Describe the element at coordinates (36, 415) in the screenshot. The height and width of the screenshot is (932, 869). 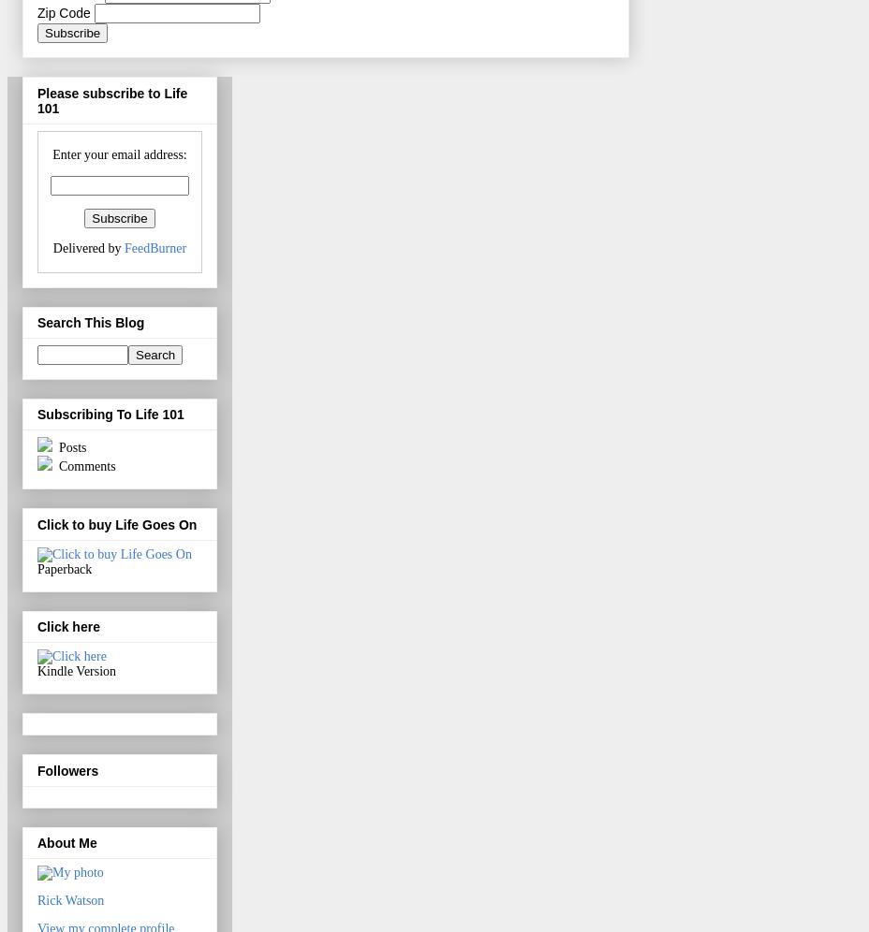
I see `'Subscribing To Life 101'` at that location.